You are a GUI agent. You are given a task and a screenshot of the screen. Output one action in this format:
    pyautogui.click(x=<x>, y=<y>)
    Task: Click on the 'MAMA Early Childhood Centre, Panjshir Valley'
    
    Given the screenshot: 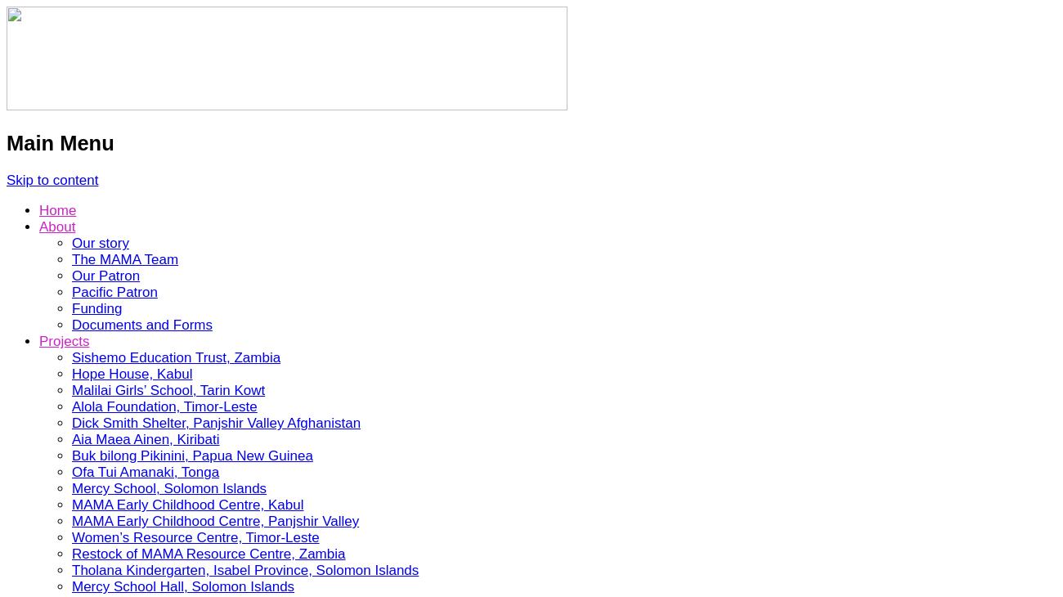 What is the action you would take?
    pyautogui.click(x=214, y=521)
    